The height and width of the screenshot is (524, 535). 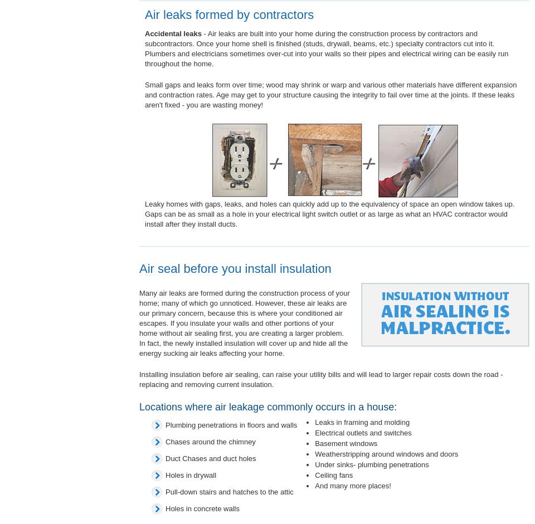 What do you see at coordinates (191, 474) in the screenshot?
I see `'Holes in drywall'` at bounding box center [191, 474].